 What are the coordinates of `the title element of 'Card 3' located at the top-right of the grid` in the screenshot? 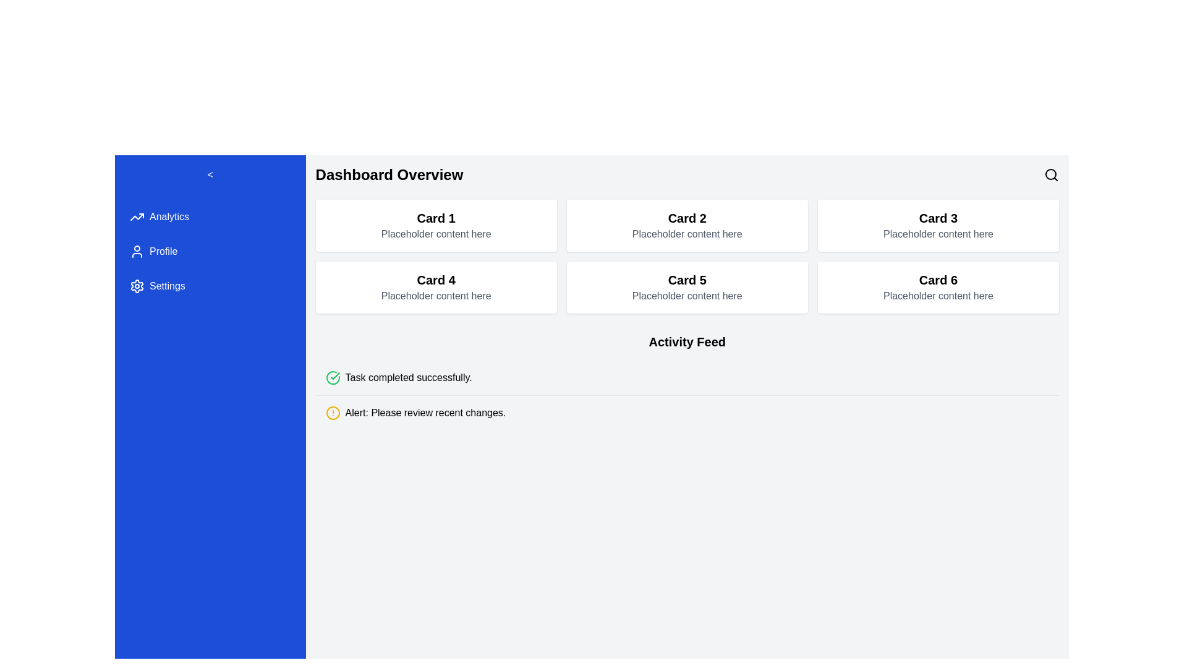 It's located at (938, 218).